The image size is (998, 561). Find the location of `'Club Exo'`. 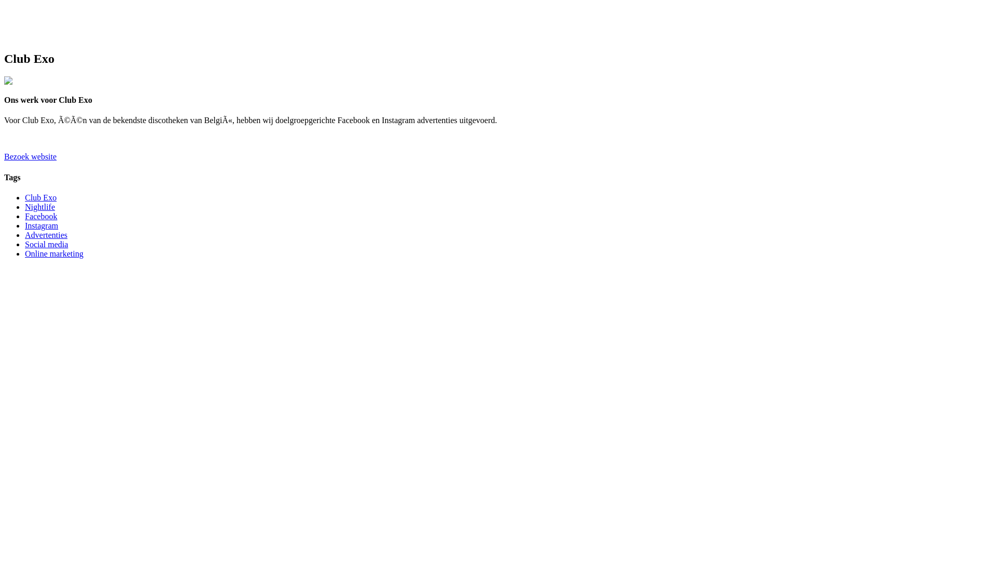

'Club Exo' is located at coordinates (41, 197).